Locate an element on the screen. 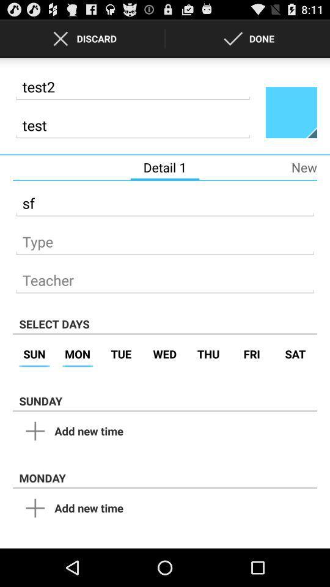 The width and height of the screenshot is (330, 587). the star icon is located at coordinates (290, 120).